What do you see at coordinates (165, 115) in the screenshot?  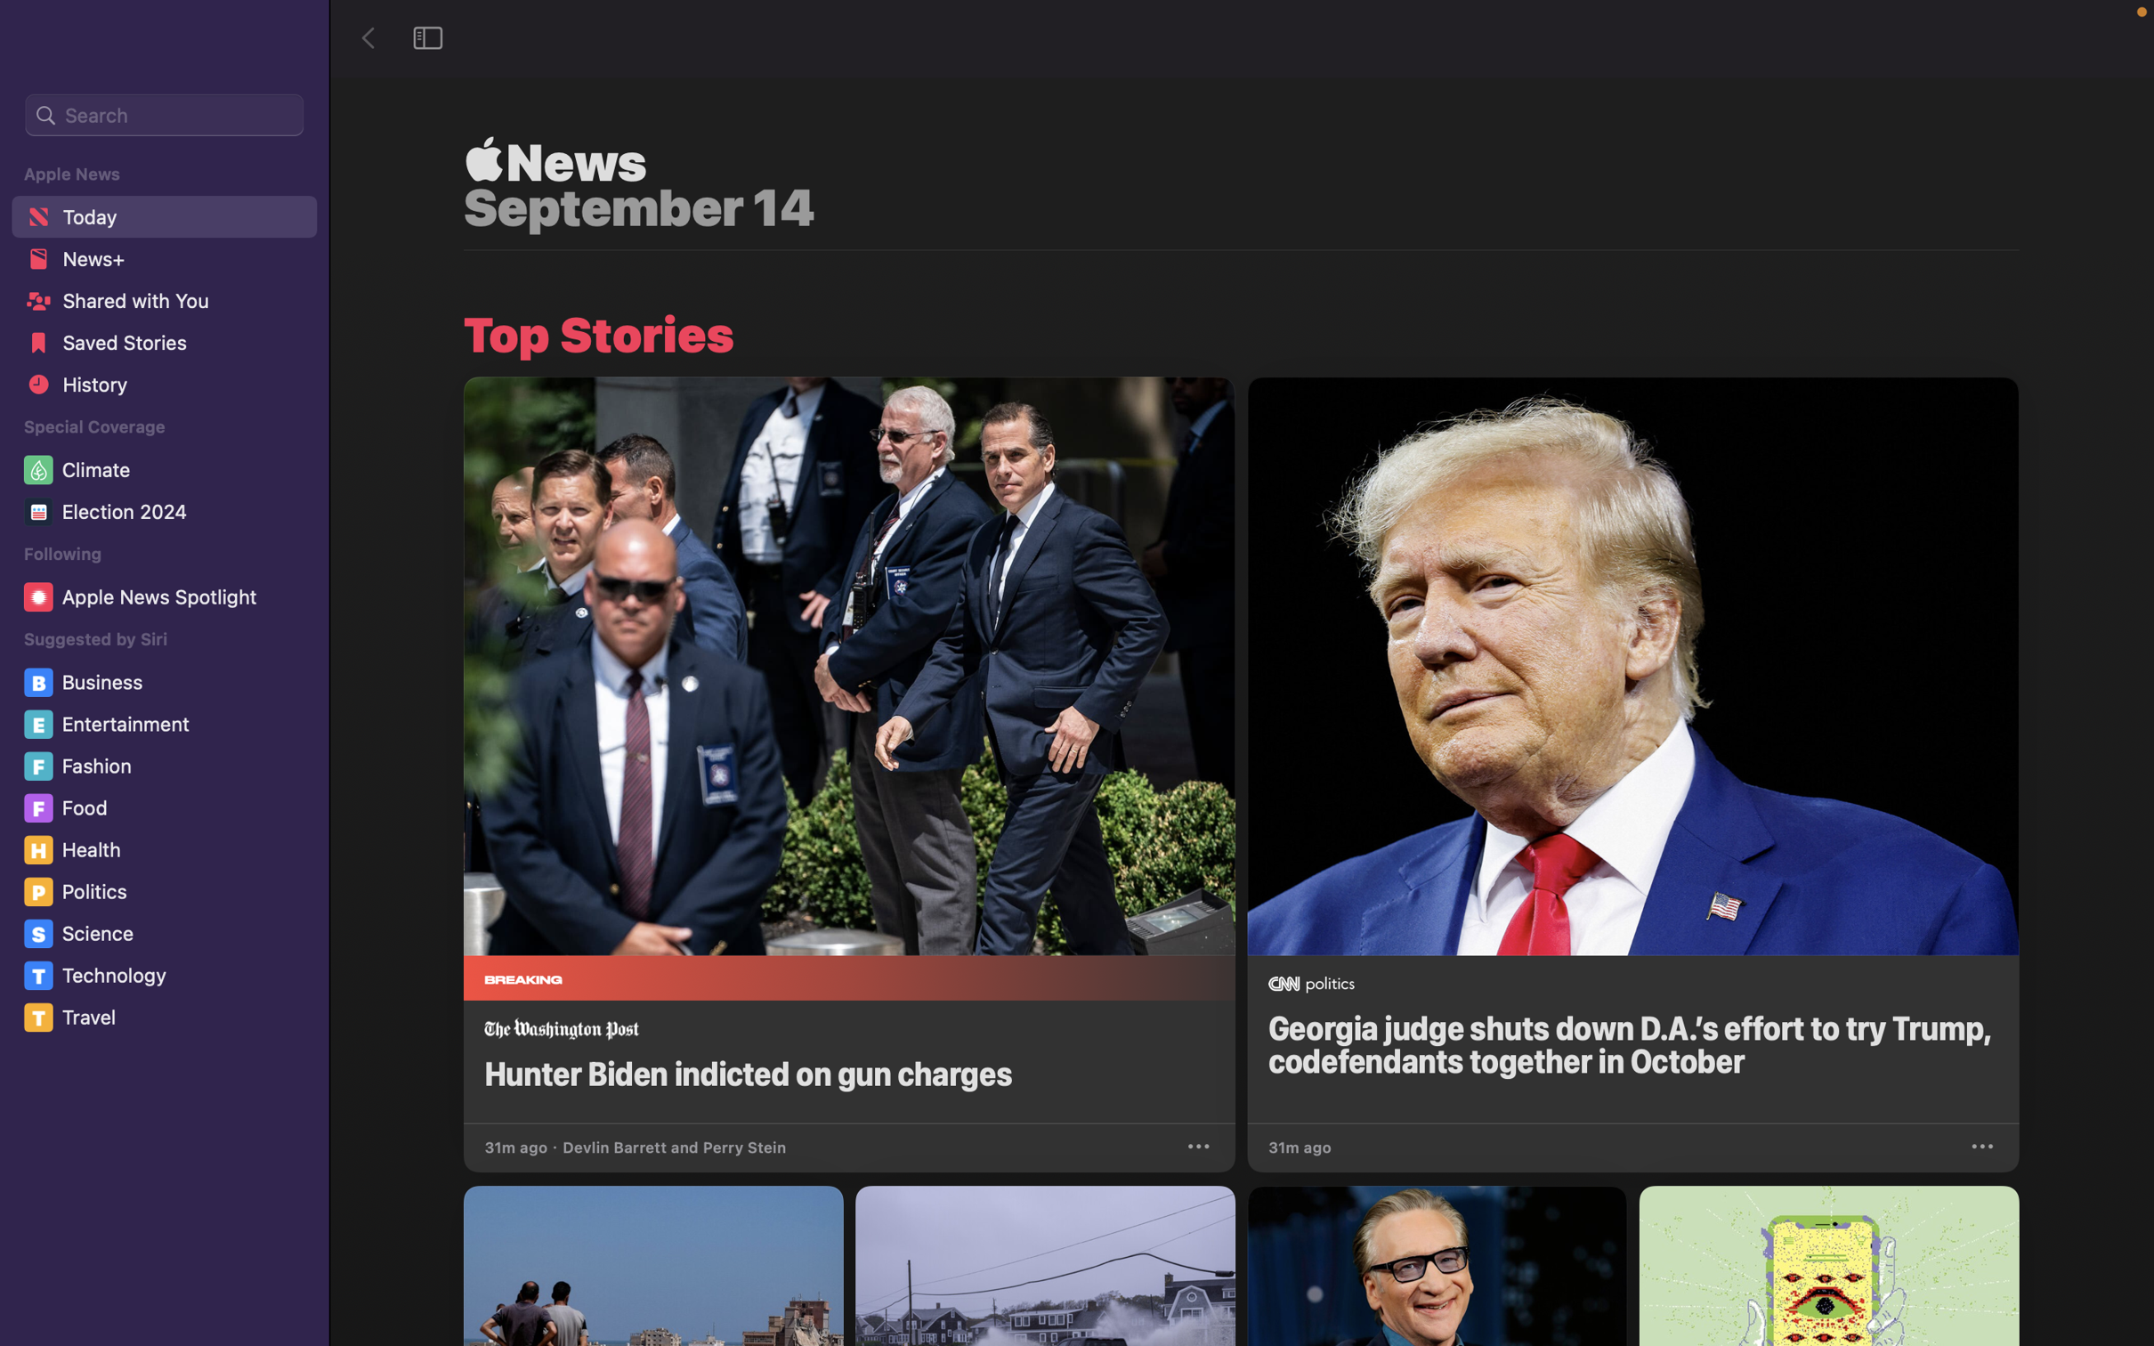 I see `Search for news about "Covid 2020"` at bounding box center [165, 115].